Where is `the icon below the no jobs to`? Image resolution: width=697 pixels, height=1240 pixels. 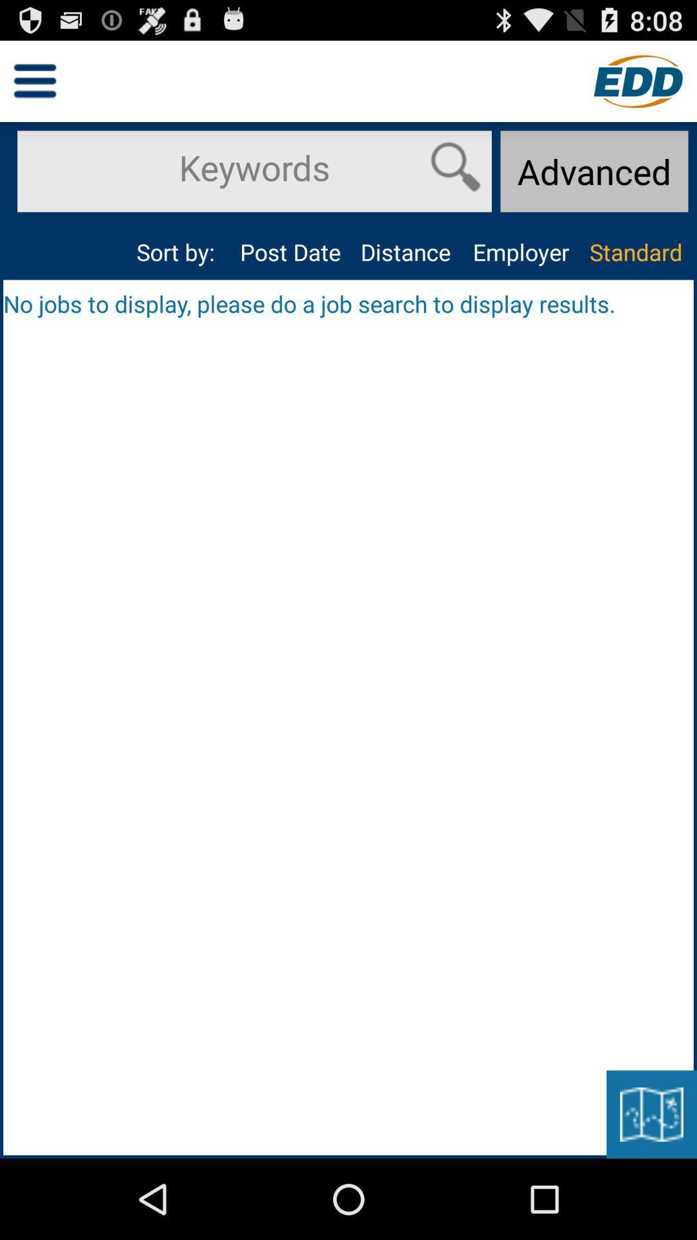 the icon below the no jobs to is located at coordinates (651, 1113).